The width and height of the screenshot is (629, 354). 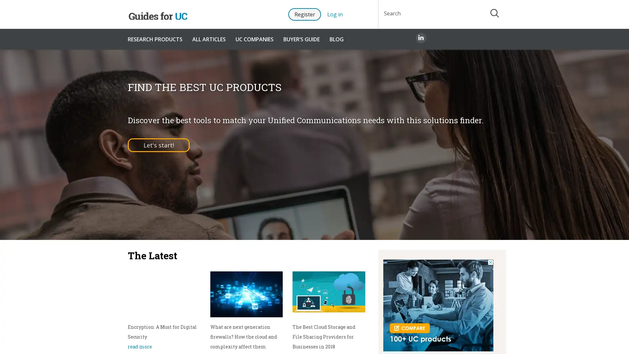 I want to click on Let's start!, so click(x=159, y=145).